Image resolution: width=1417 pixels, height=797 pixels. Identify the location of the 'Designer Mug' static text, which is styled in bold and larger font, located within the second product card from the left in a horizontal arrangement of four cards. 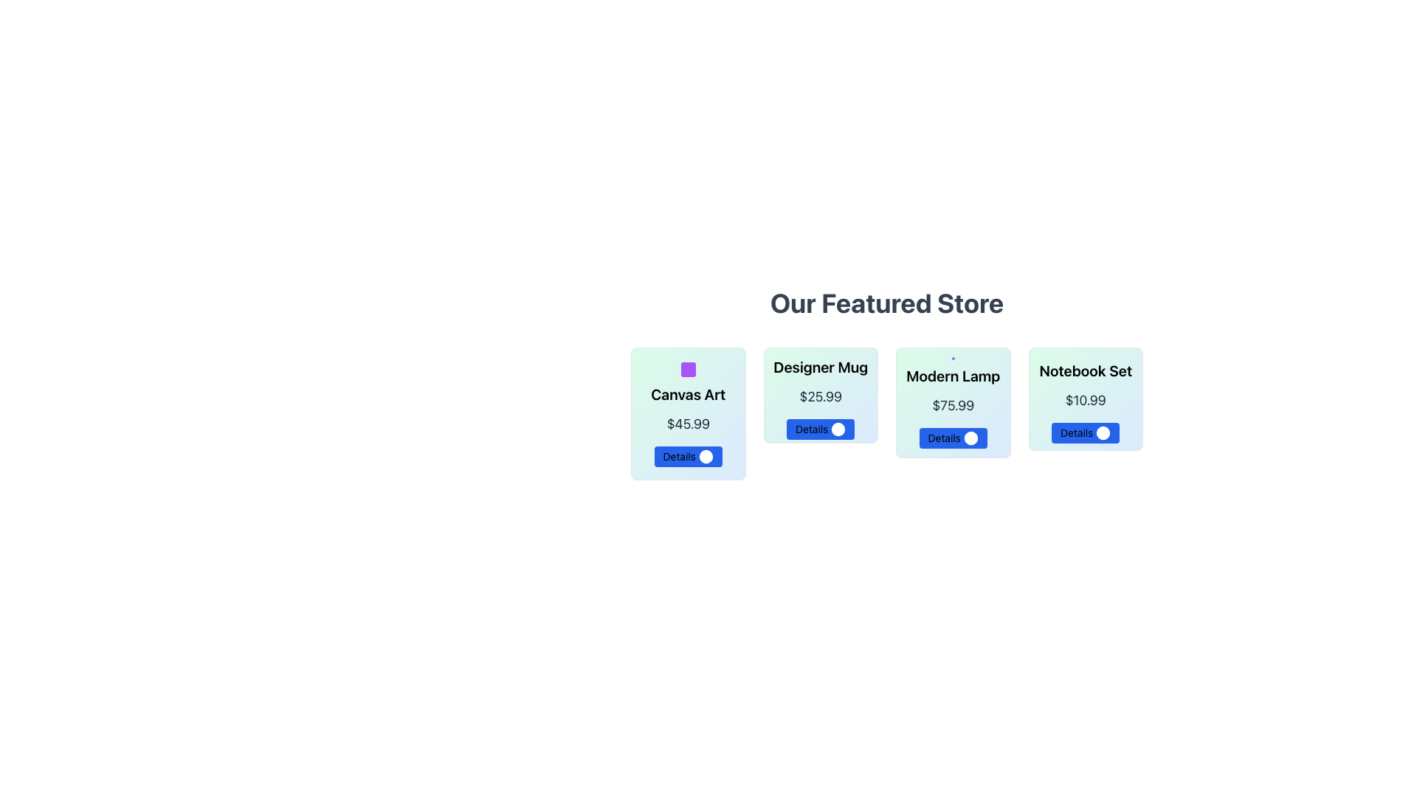
(820, 366).